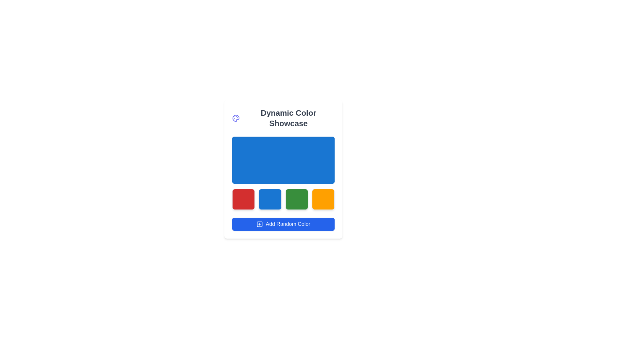 The image size is (628, 353). What do you see at coordinates (283, 224) in the screenshot?
I see `the 'Add Random Color' button located at the bottom of the 'Dynamic Color Showcase' card` at bounding box center [283, 224].